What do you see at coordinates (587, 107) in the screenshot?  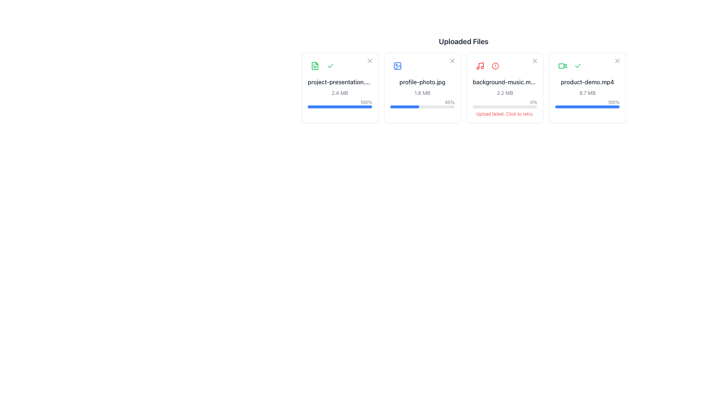 I see `the horizontal progress bar positioned at the bottom of the card associated with the 'product-demo.mp4' file` at bounding box center [587, 107].